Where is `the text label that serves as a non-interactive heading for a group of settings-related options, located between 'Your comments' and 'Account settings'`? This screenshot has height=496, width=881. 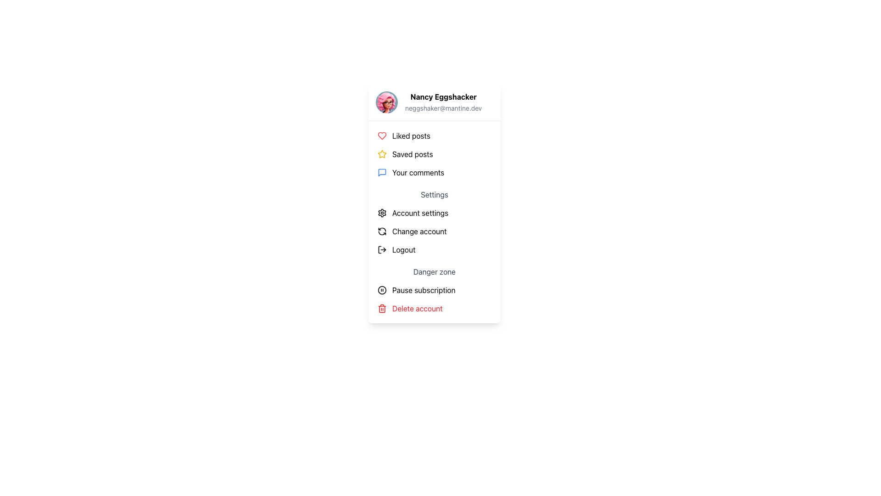 the text label that serves as a non-interactive heading for a group of settings-related options, located between 'Your comments' and 'Account settings' is located at coordinates (434, 194).